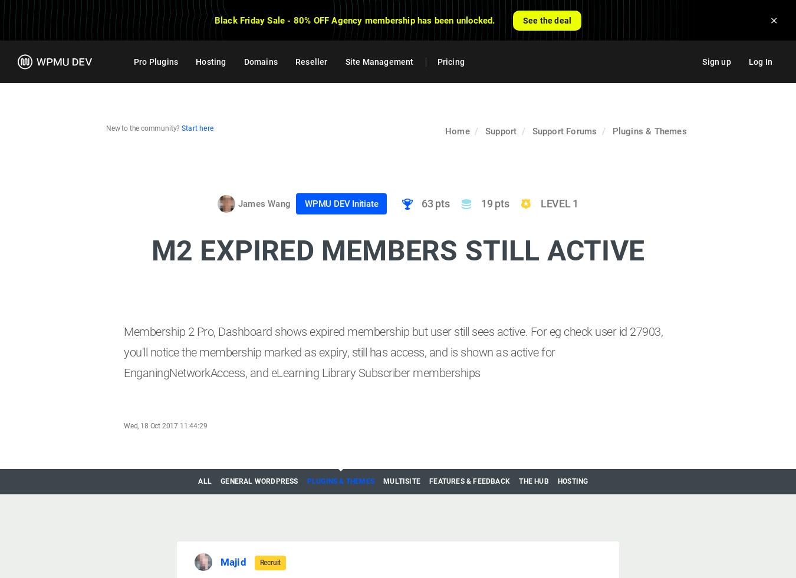 This screenshot has width=796, height=578. I want to click on 'Recruit', so click(259, 562).